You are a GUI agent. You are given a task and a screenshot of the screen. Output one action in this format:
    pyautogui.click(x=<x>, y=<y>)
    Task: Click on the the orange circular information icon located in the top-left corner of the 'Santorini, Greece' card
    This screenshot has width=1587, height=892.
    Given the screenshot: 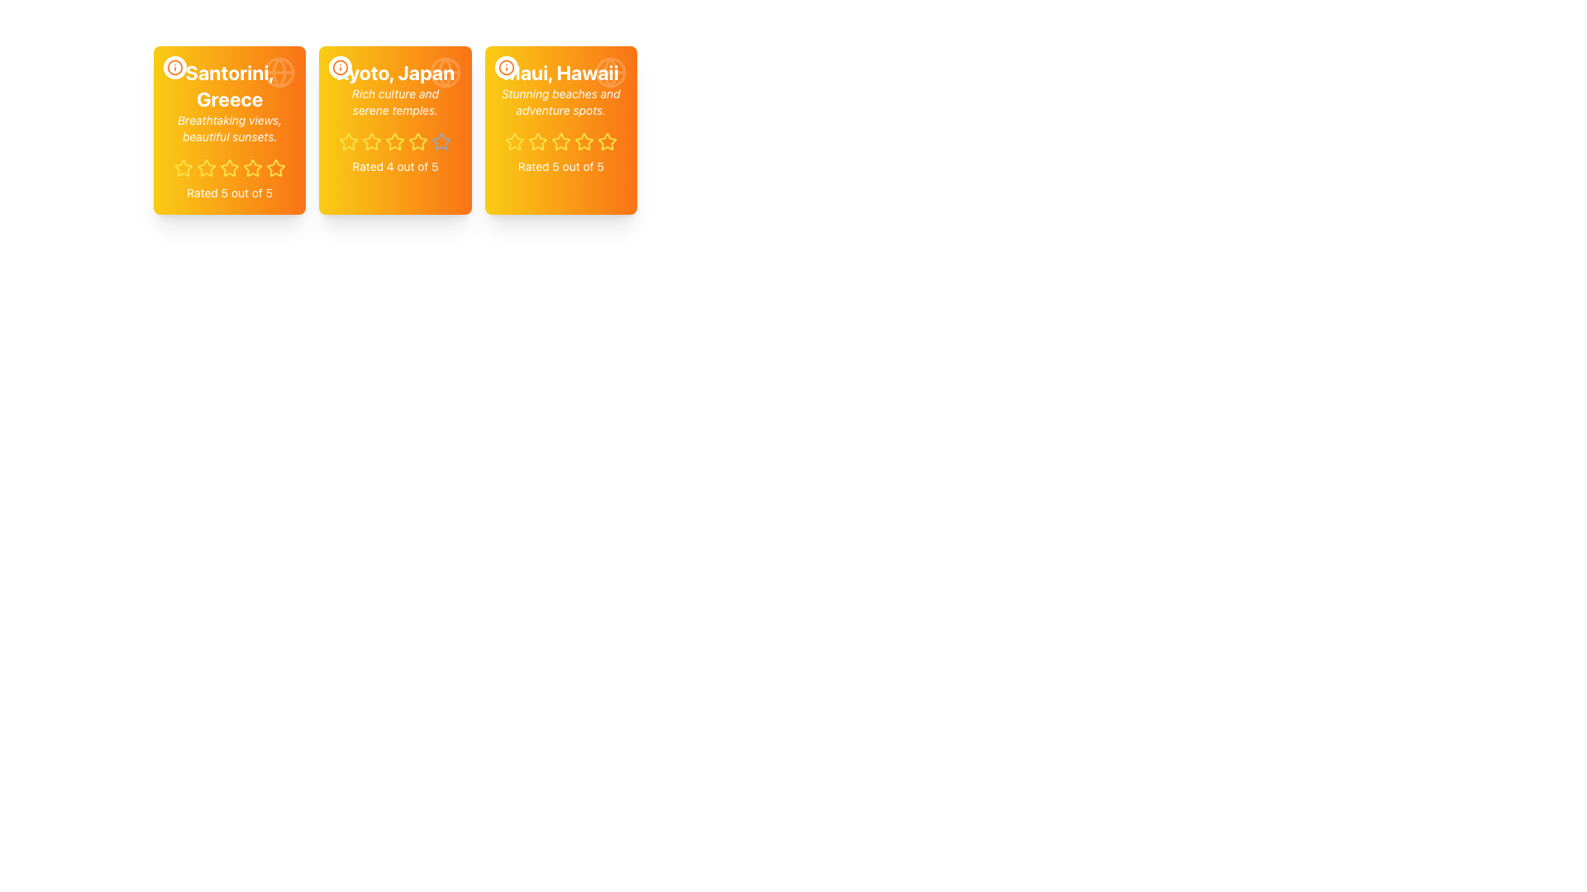 What is the action you would take?
    pyautogui.click(x=174, y=66)
    